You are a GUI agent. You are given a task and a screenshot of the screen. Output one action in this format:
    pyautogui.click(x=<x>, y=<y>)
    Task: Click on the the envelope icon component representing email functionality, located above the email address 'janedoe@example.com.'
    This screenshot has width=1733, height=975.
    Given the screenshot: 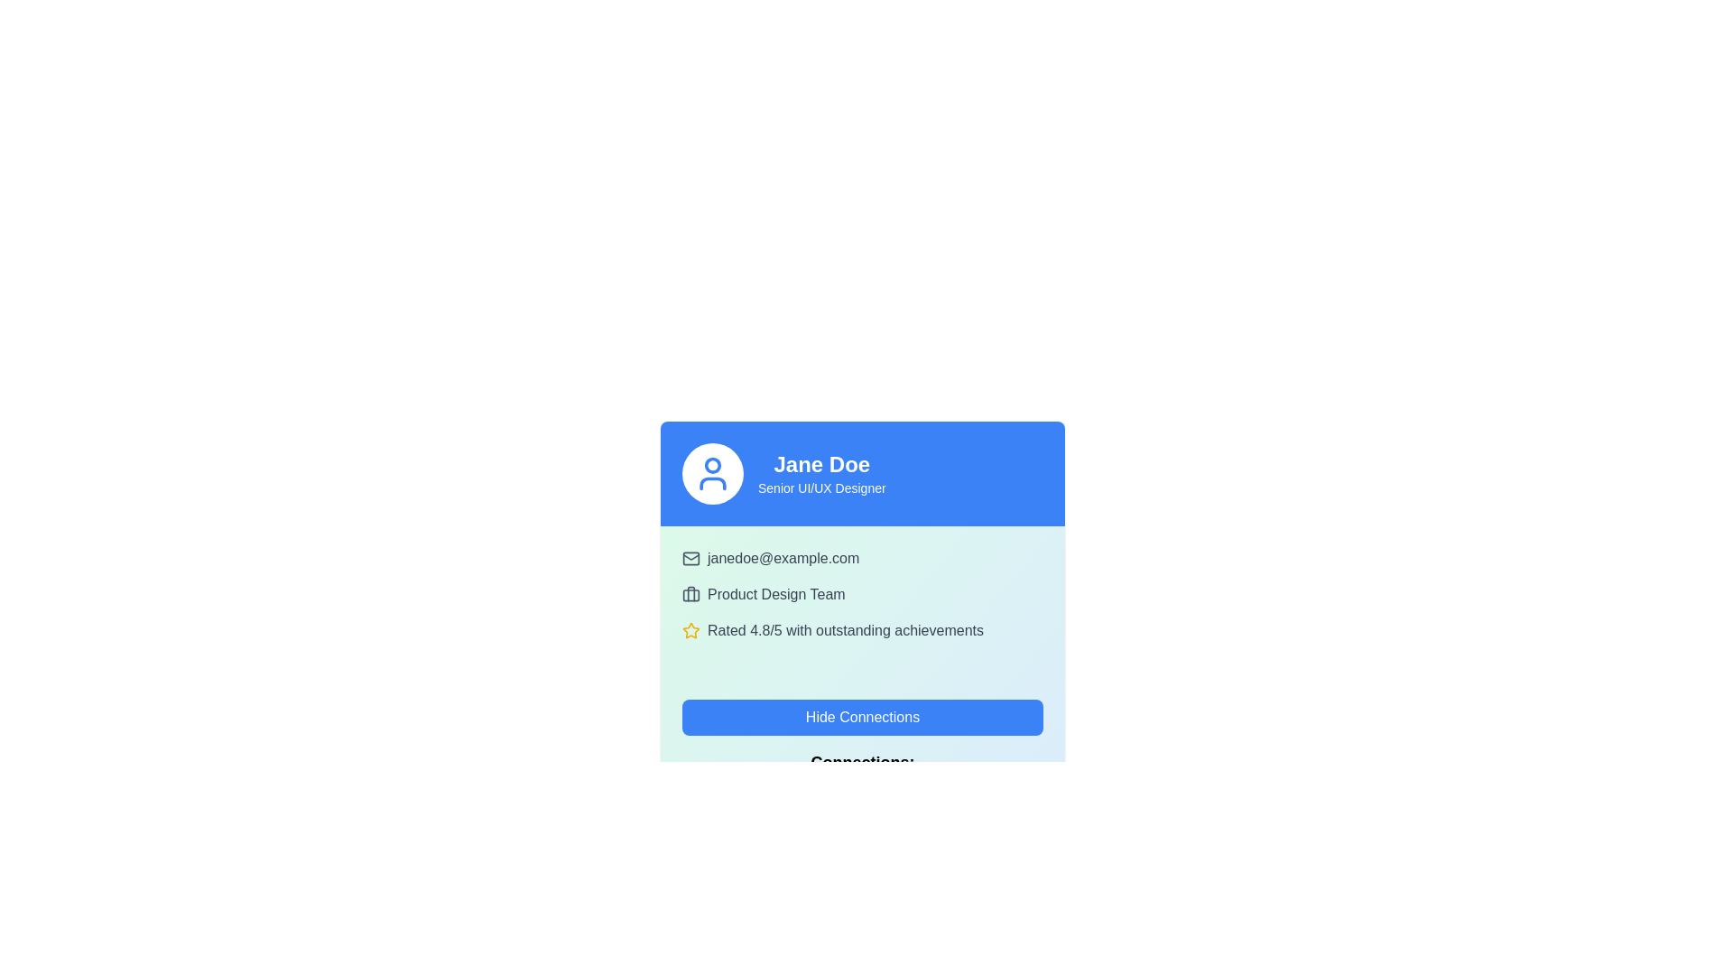 What is the action you would take?
    pyautogui.click(x=690, y=557)
    